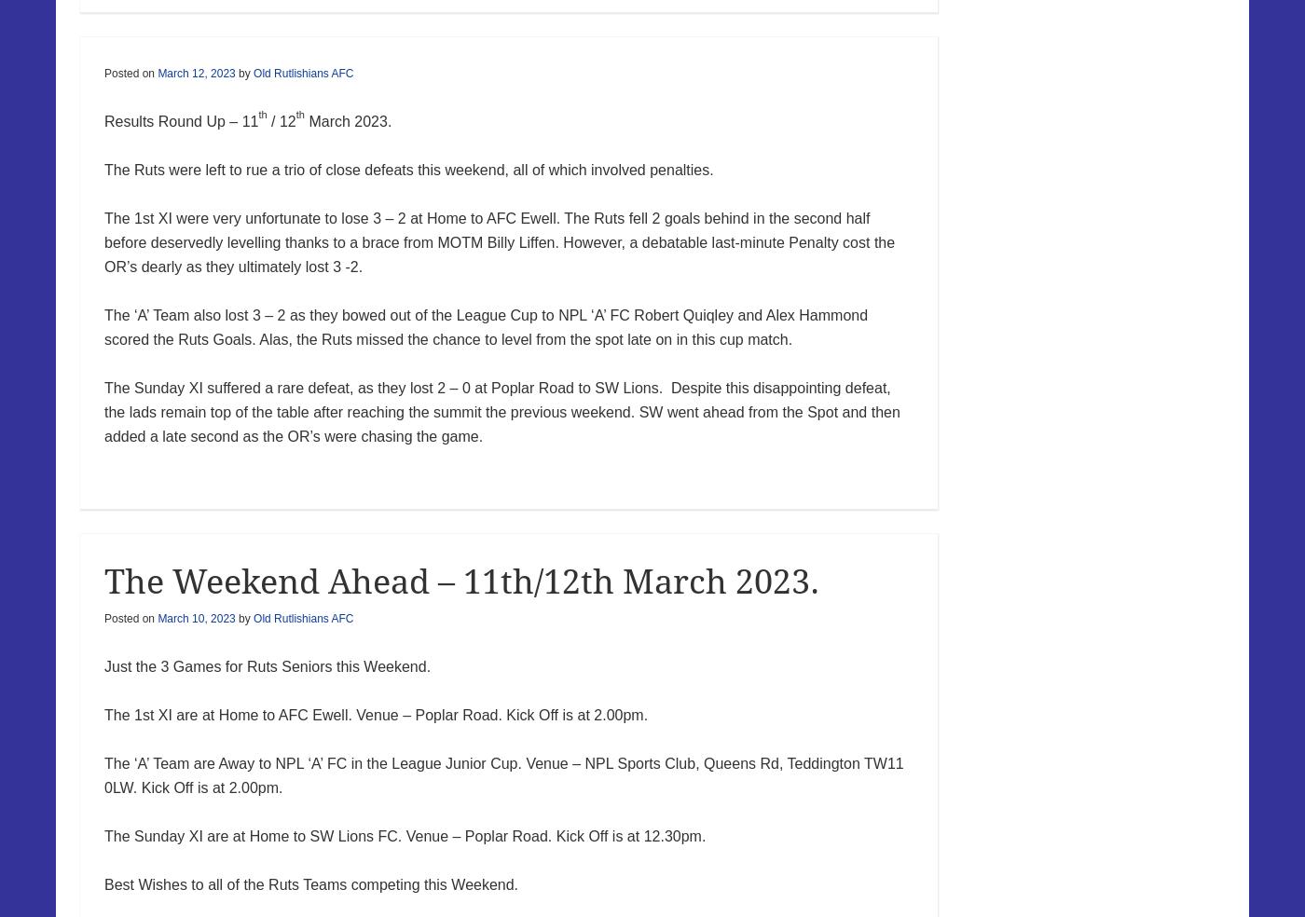 The height and width of the screenshot is (917, 1305). Describe the element at coordinates (104, 411) in the screenshot. I see `'The Sunday XI suffered a rare defeat, as they lost 2 – 0 at Poplar Road to SW Lions.  Despite this disappointing defeat, the lads remain top of the table after reaching the summit the previous weekend. SW went ahead from the Spot and then added a late second as the OR’s were chasing the game.'` at that location.